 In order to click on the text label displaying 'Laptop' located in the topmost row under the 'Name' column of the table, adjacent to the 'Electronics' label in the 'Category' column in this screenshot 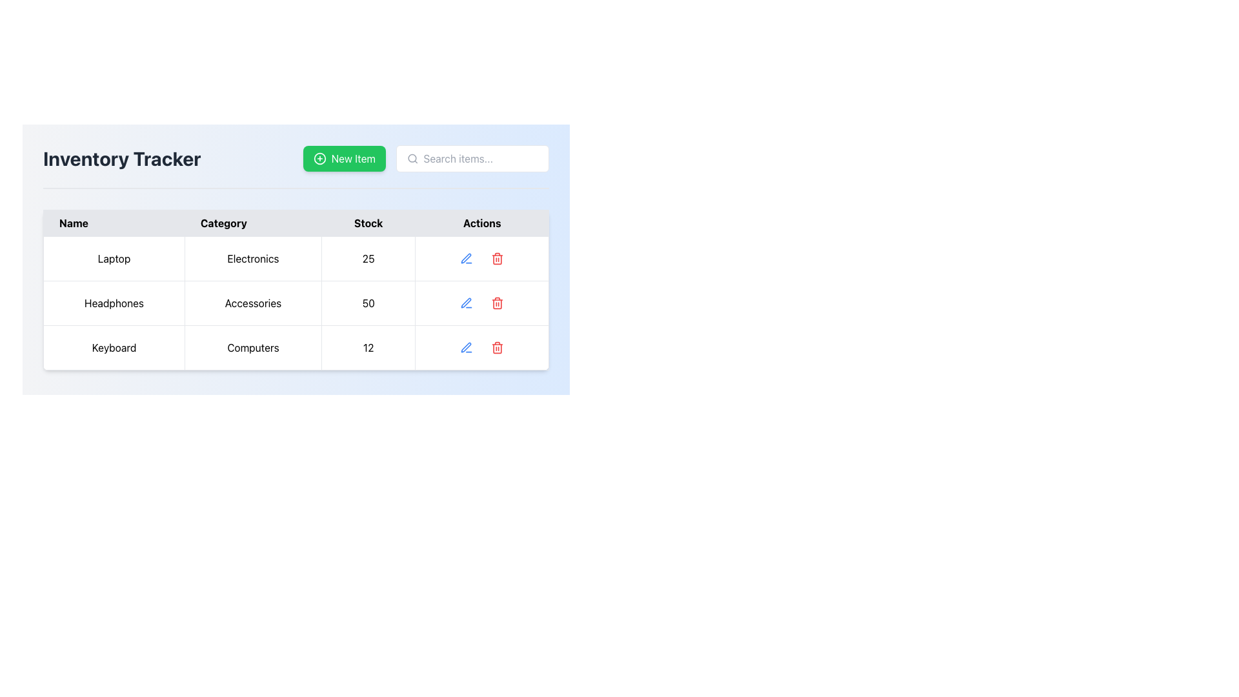, I will do `click(114, 259)`.